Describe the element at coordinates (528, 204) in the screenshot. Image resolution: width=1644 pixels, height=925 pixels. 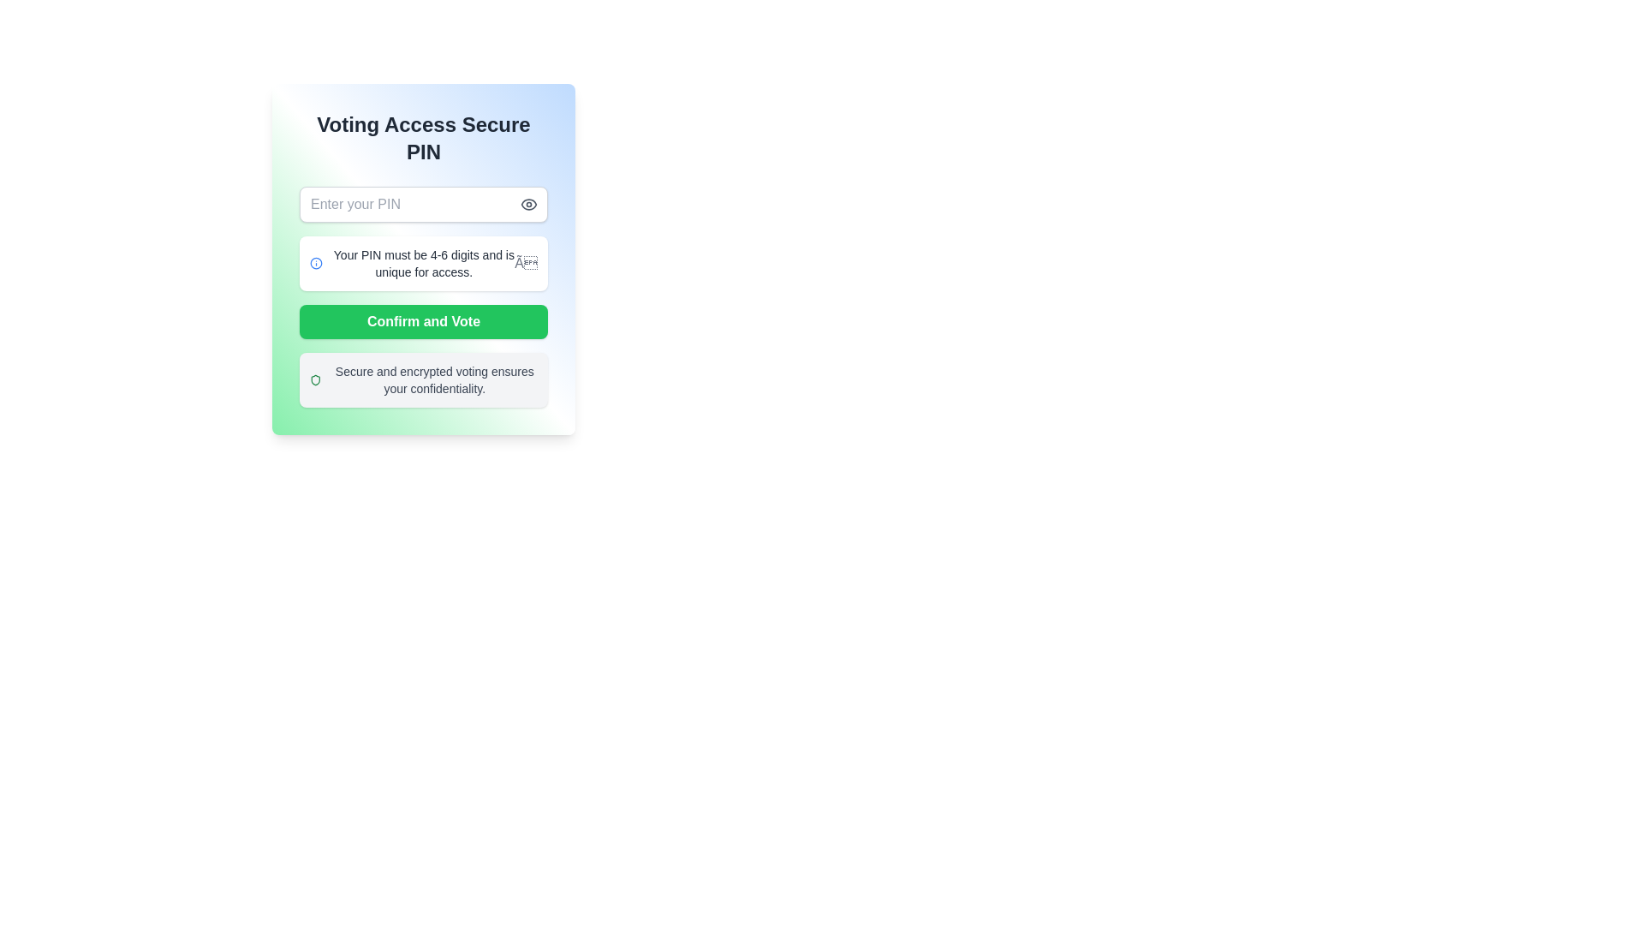
I see `the password visibility toggle button located at the right end of the password input field` at that location.